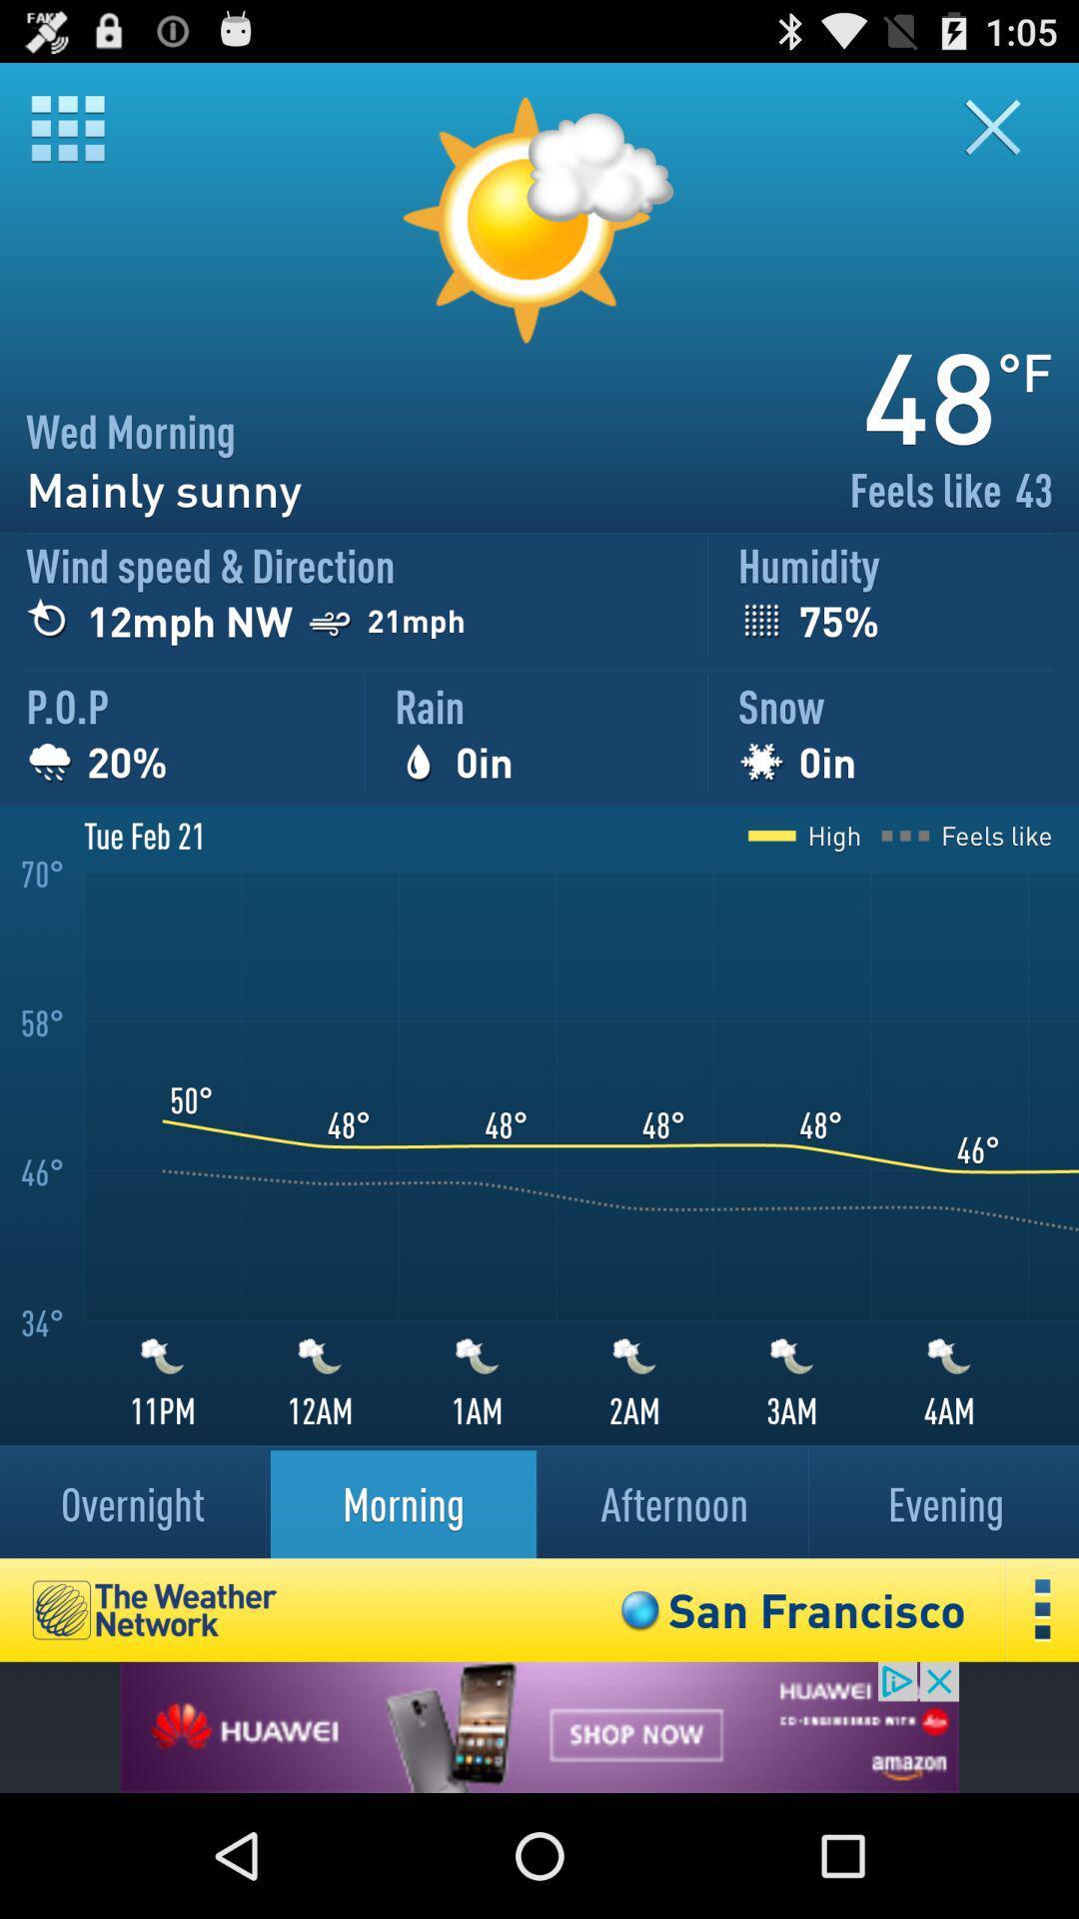 The height and width of the screenshot is (1919, 1079). What do you see at coordinates (66, 127) in the screenshot?
I see `the menu box` at bounding box center [66, 127].